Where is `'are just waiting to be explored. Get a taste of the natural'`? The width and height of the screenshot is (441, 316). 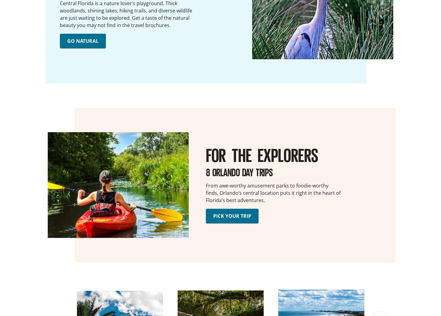
'are just waiting to be explored. Get a taste of the natural' is located at coordinates (124, 17).